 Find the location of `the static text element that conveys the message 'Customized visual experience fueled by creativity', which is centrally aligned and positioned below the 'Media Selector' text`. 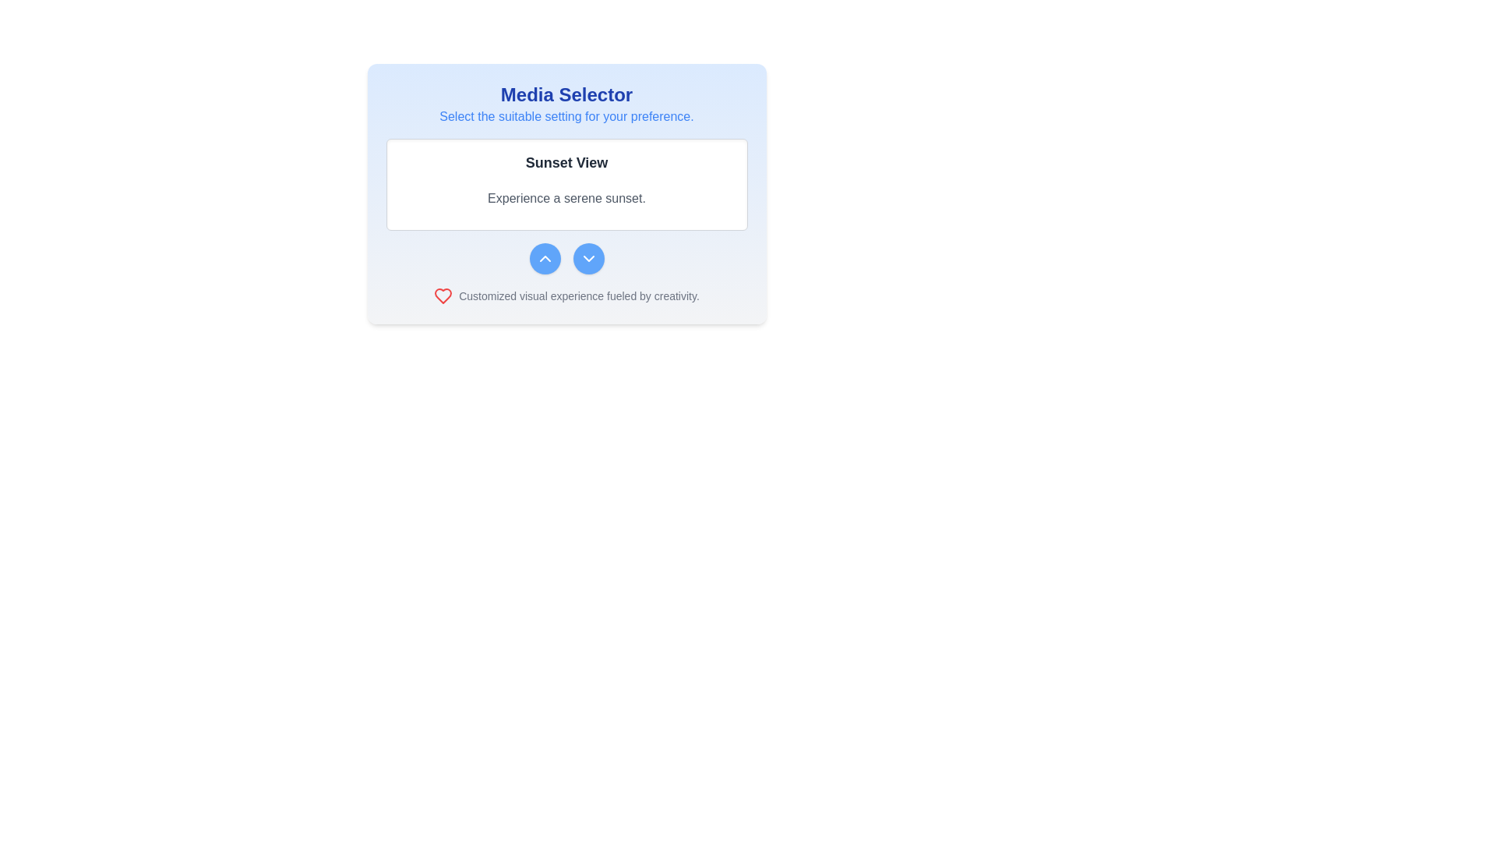

the static text element that conveys the message 'Customized visual experience fueled by creativity', which is centrally aligned and positioned below the 'Media Selector' text is located at coordinates (578, 296).